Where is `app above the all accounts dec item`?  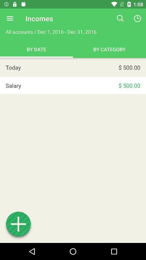 app above the all accounts dec item is located at coordinates (10, 18).